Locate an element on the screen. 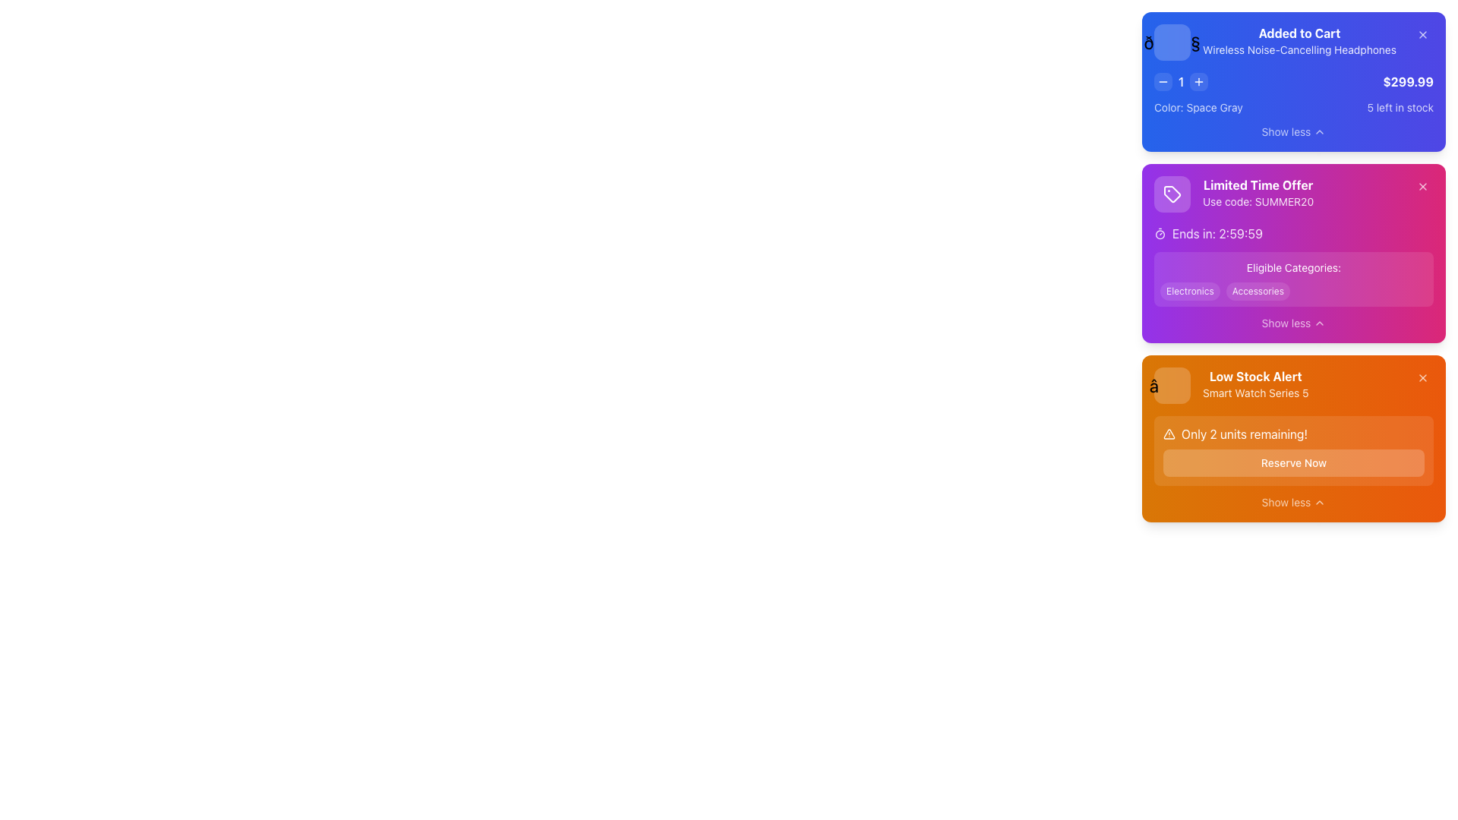 The width and height of the screenshot is (1458, 820). the toggle button at the bottom of the orange panel titled 'Low Stock Alert' for 'Smart Watch Series 5' is located at coordinates (1293, 503).